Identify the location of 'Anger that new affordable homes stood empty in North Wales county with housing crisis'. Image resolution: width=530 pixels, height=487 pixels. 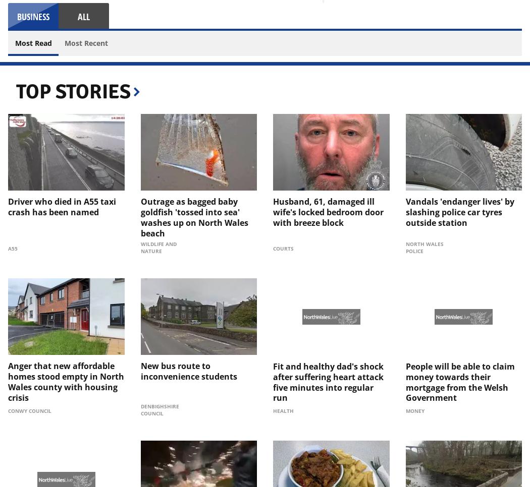
(8, 381).